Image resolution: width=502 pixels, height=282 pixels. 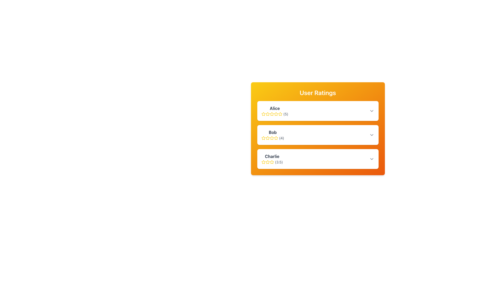 What do you see at coordinates (263, 138) in the screenshot?
I see `the first star icon in the 5-star rating widget for 'Bob' to interact with it` at bounding box center [263, 138].